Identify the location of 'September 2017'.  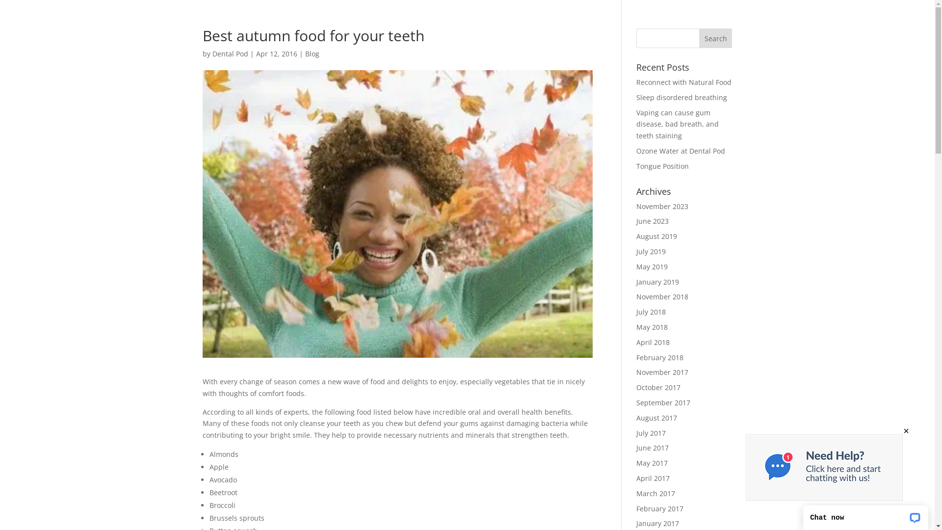
(663, 402).